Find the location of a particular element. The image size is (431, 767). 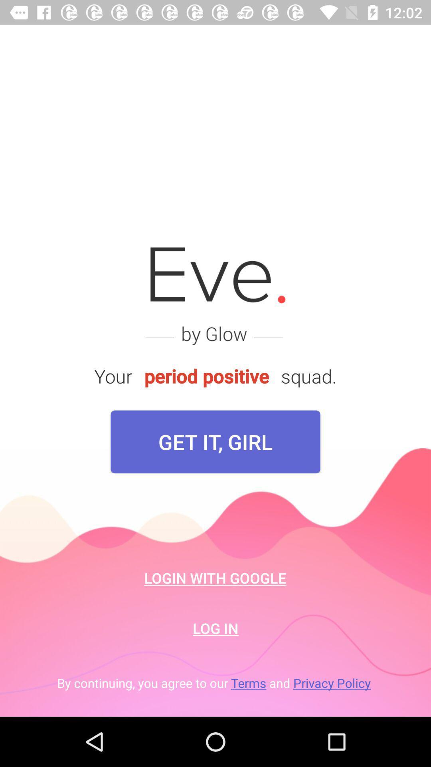

the  log in is located at coordinates (215, 628).